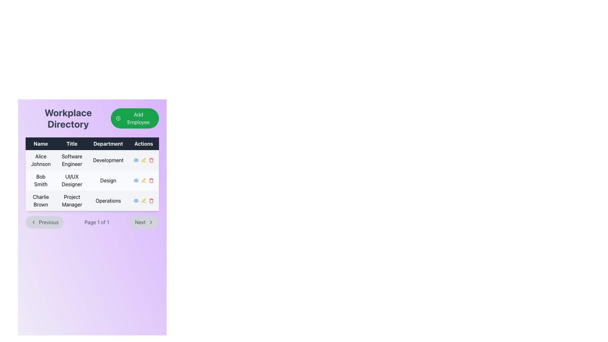 This screenshot has height=342, width=608. What do you see at coordinates (41, 144) in the screenshot?
I see `the 'Name' header label in the table, which is located at the top-left corner of the header row` at bounding box center [41, 144].